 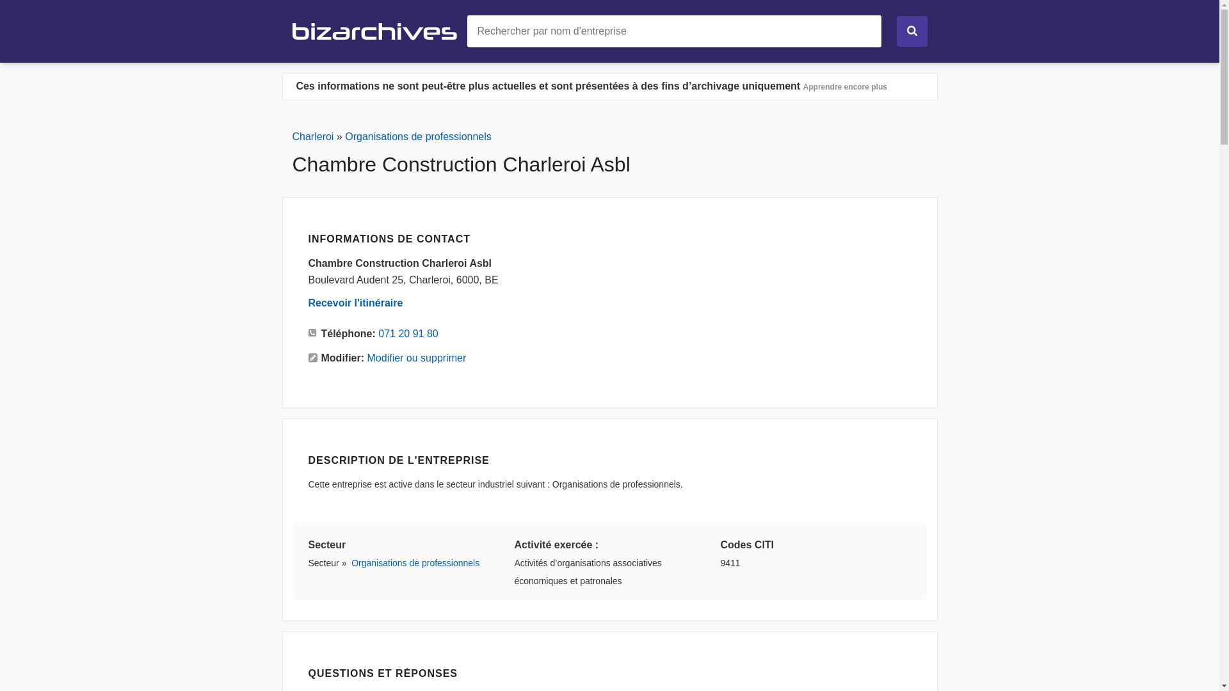 What do you see at coordinates (845, 86) in the screenshot?
I see `'Apprendre encore plus'` at bounding box center [845, 86].